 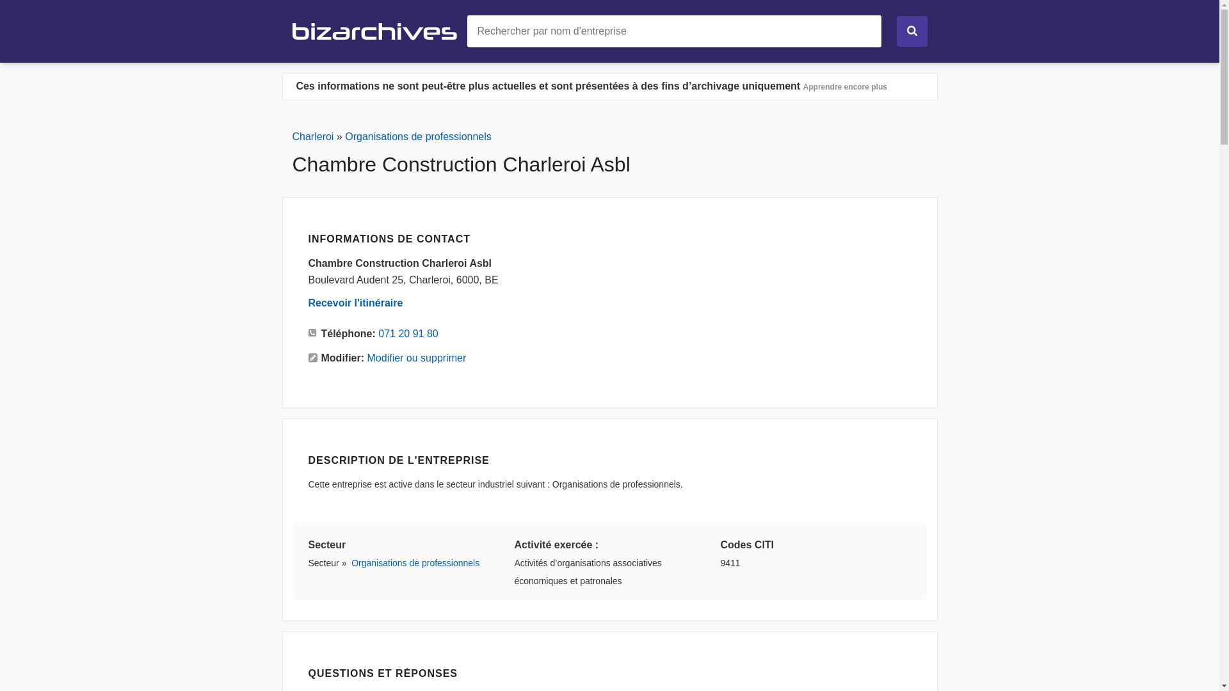 What do you see at coordinates (845, 86) in the screenshot?
I see `'Apprendre encore plus'` at bounding box center [845, 86].